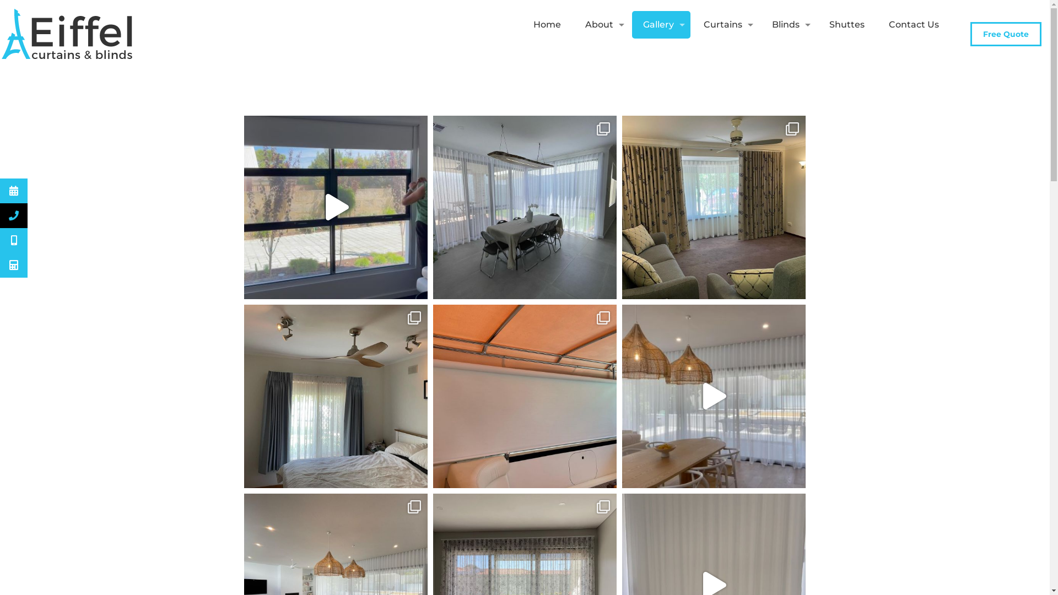 This screenshot has width=1058, height=595. What do you see at coordinates (846, 25) in the screenshot?
I see `'Shuttes'` at bounding box center [846, 25].